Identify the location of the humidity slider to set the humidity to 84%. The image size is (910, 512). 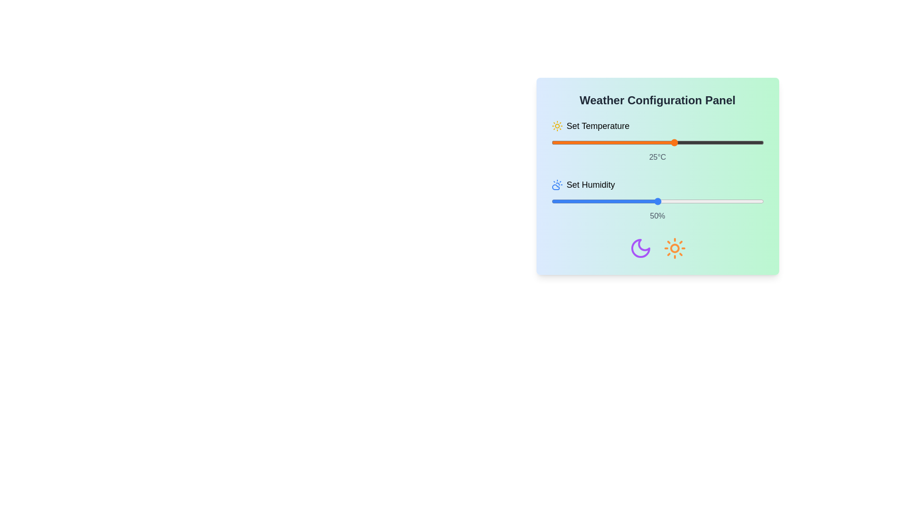
(729, 201).